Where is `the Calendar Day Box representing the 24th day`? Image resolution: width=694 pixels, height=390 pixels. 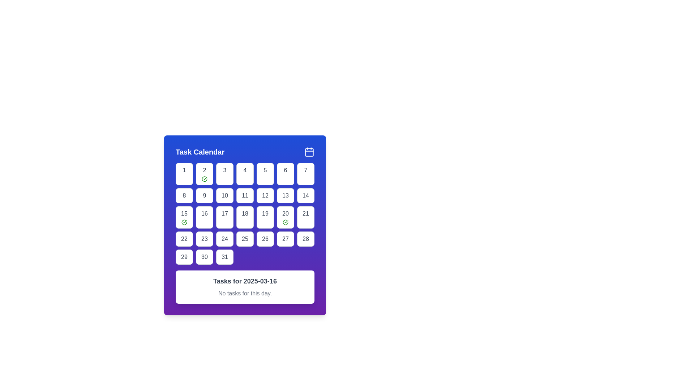 the Calendar Day Box representing the 24th day is located at coordinates (224, 239).